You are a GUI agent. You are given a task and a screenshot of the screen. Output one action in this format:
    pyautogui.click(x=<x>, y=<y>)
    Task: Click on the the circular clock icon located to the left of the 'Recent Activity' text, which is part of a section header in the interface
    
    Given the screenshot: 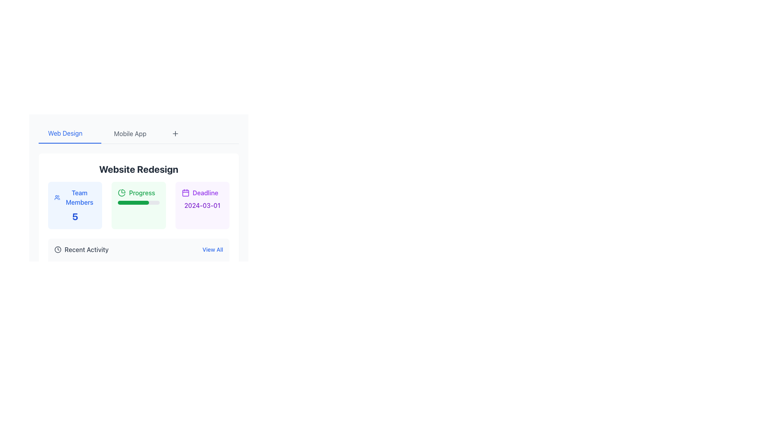 What is the action you would take?
    pyautogui.click(x=58, y=249)
    